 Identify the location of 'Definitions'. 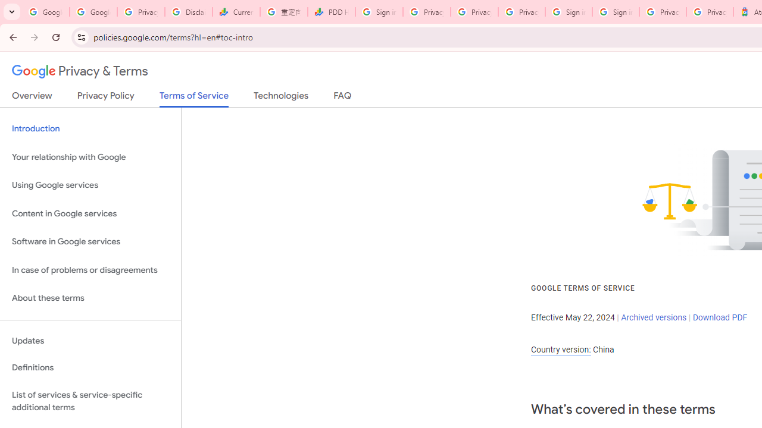
(90, 367).